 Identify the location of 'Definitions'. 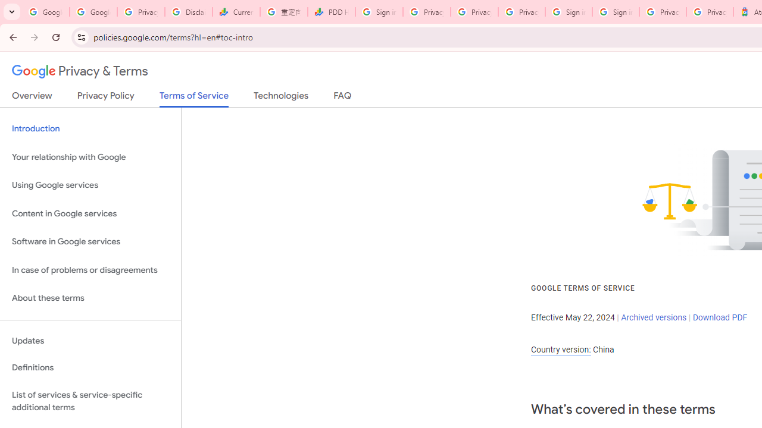
(90, 367).